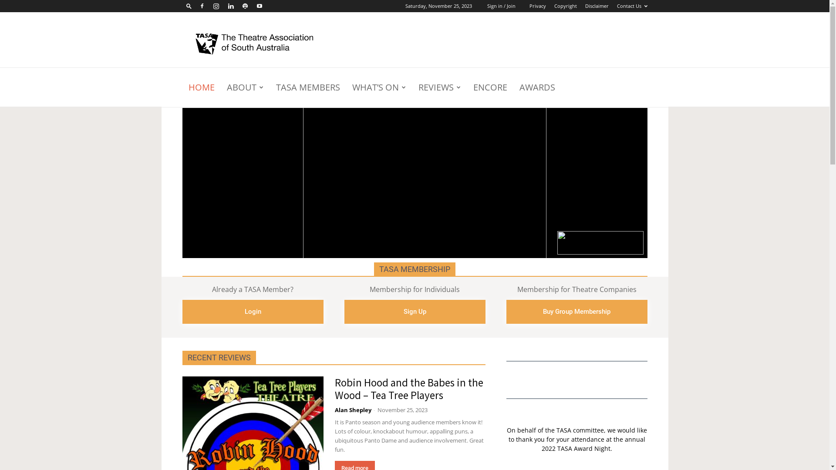  What do you see at coordinates (201, 6) in the screenshot?
I see `'Facebook'` at bounding box center [201, 6].